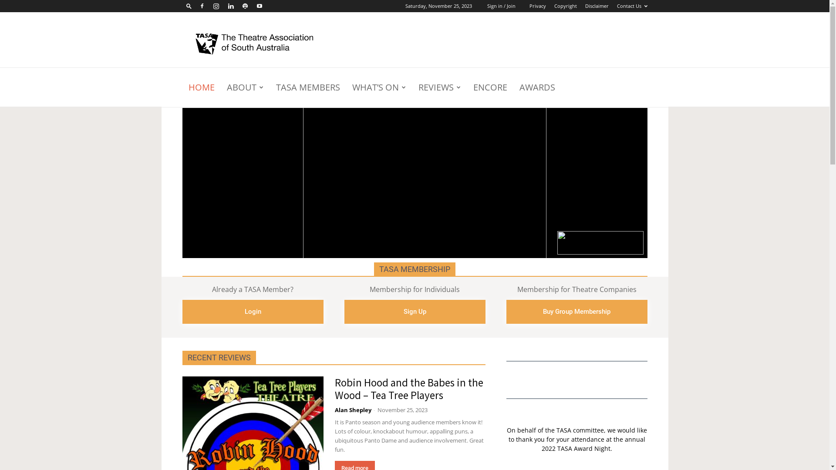  What do you see at coordinates (201, 6) in the screenshot?
I see `'Facebook'` at bounding box center [201, 6].